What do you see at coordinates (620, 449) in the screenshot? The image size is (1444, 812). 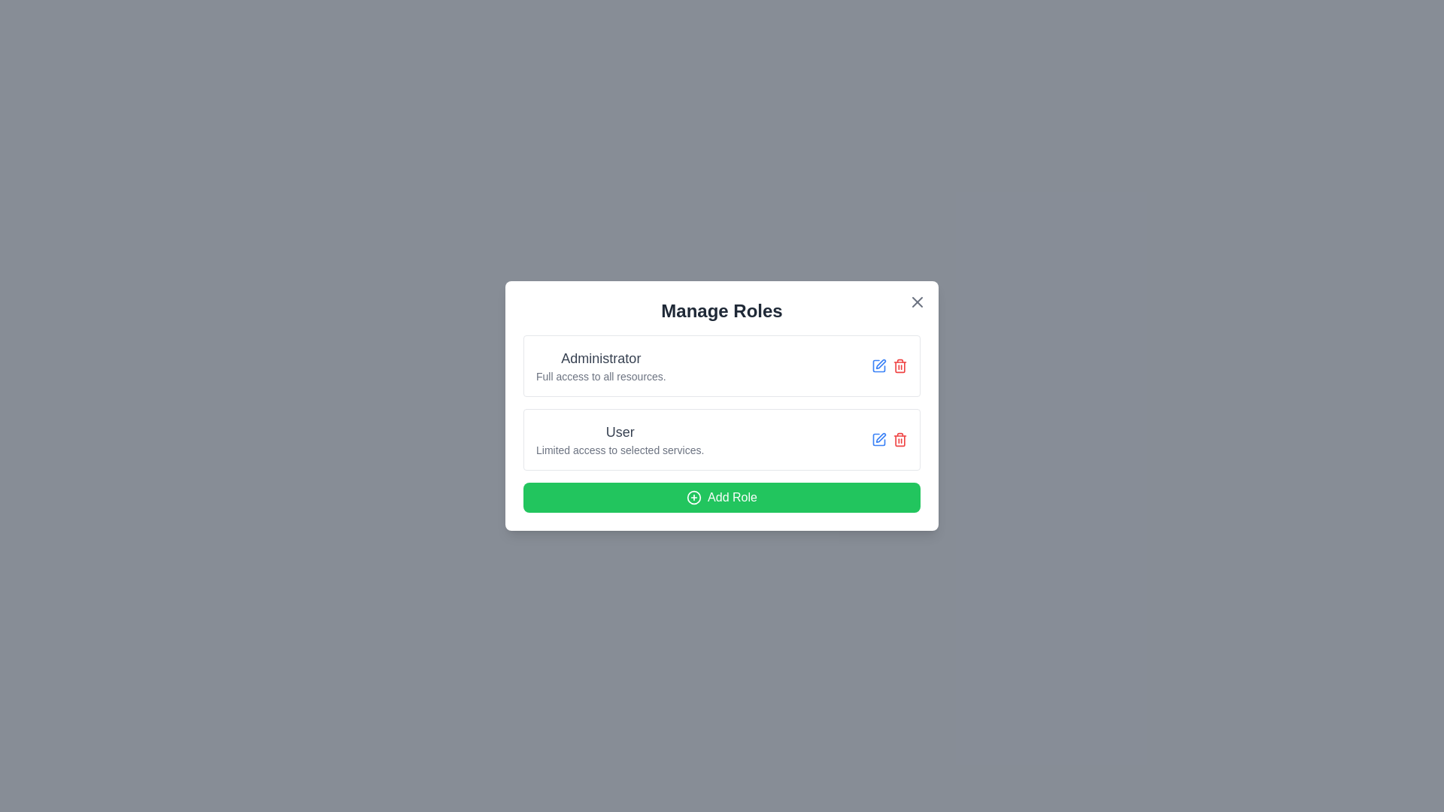 I see `the text label indicating the access privileges of the 'User' role, located directly below the 'User' text in the 'Manage Roles' modal dialog` at bounding box center [620, 449].